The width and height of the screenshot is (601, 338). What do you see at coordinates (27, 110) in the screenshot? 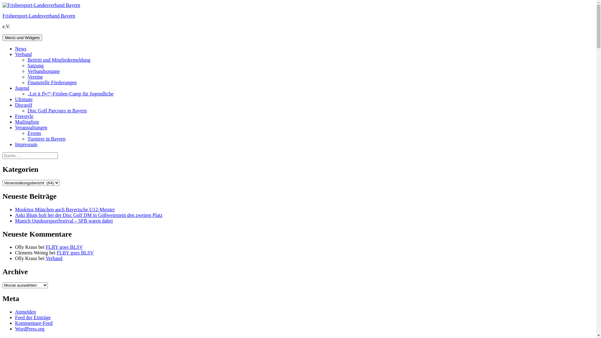
I see `'Disc Golf Parcours in Bayern'` at bounding box center [27, 110].